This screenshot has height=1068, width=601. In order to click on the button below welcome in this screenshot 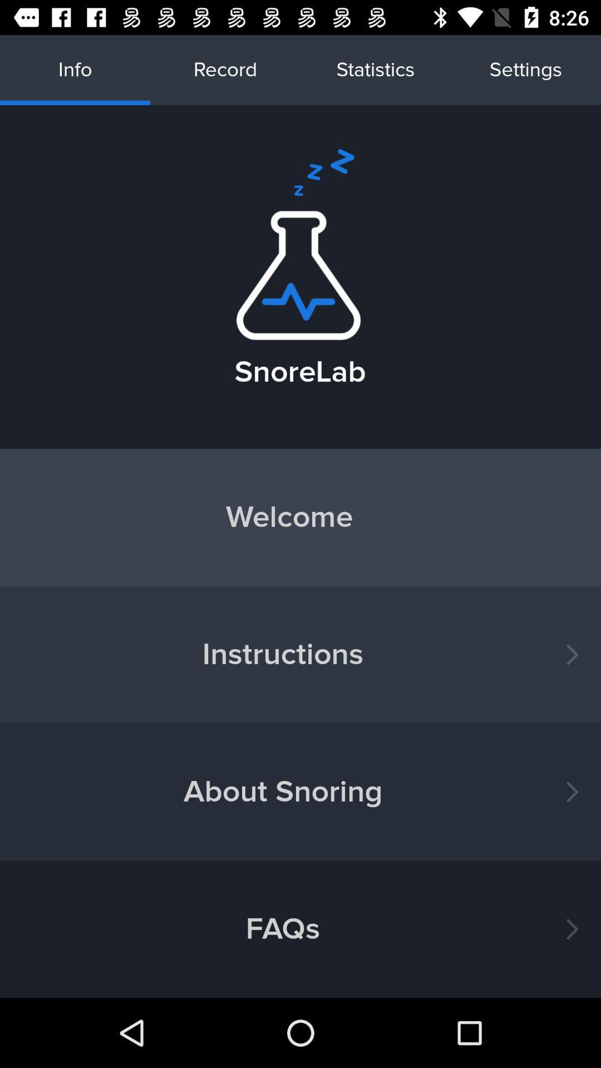, I will do `click(300, 655)`.